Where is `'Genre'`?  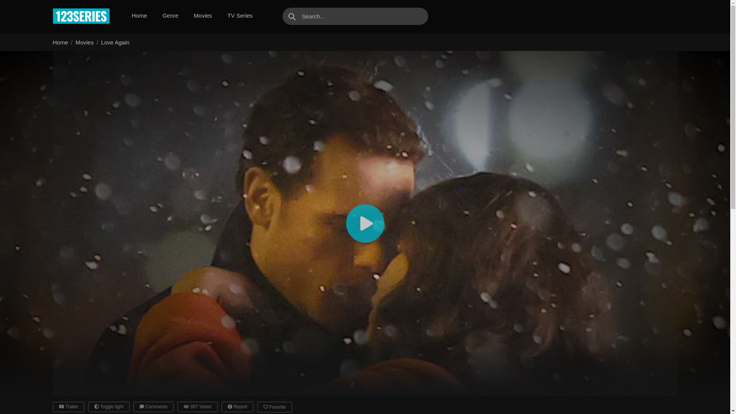
'Genre' is located at coordinates (159, 16).